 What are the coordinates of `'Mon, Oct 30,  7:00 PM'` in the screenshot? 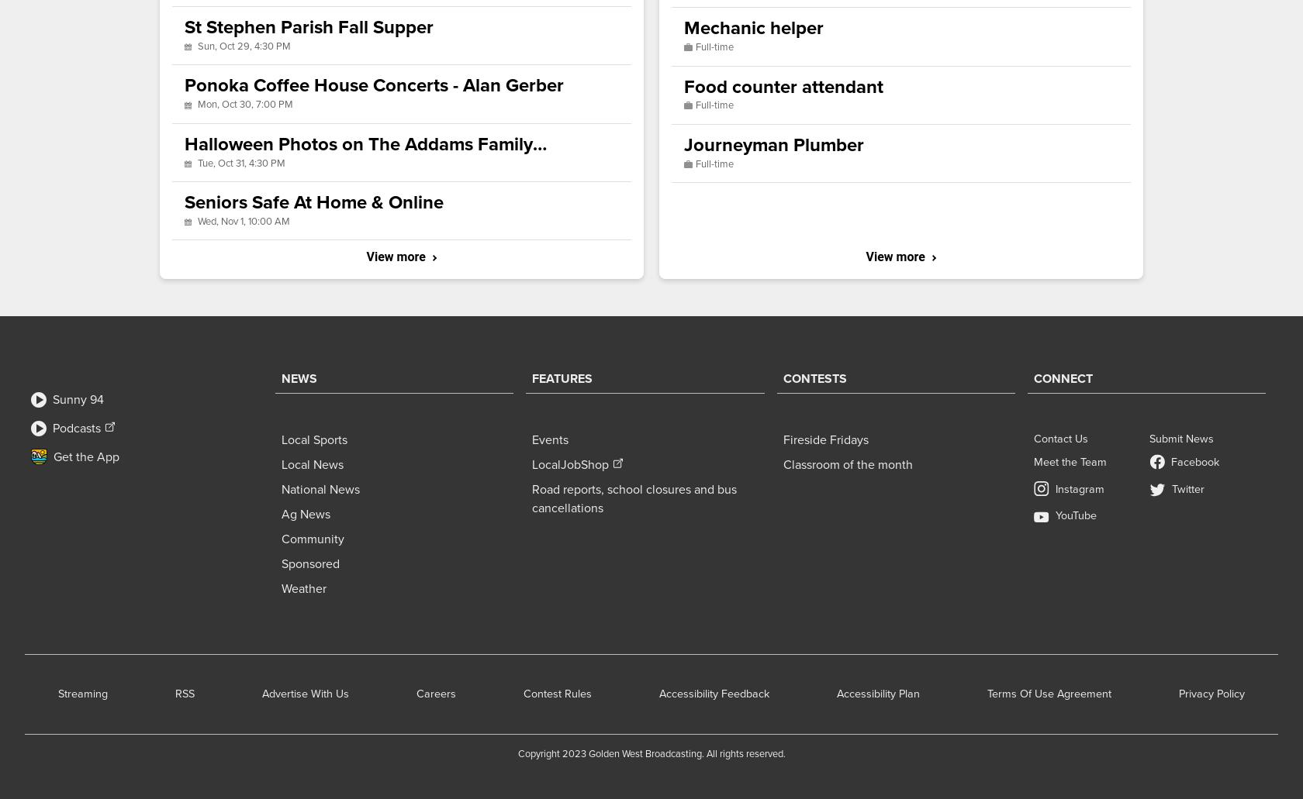 It's located at (245, 103).